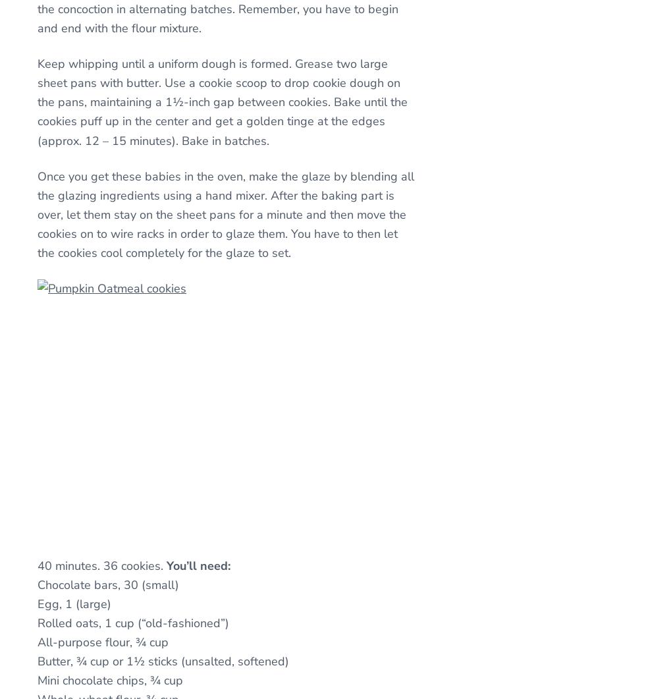 This screenshot has height=699, width=648. What do you see at coordinates (108, 583) in the screenshot?
I see `'Chocolate bars, 30 (small)'` at bounding box center [108, 583].